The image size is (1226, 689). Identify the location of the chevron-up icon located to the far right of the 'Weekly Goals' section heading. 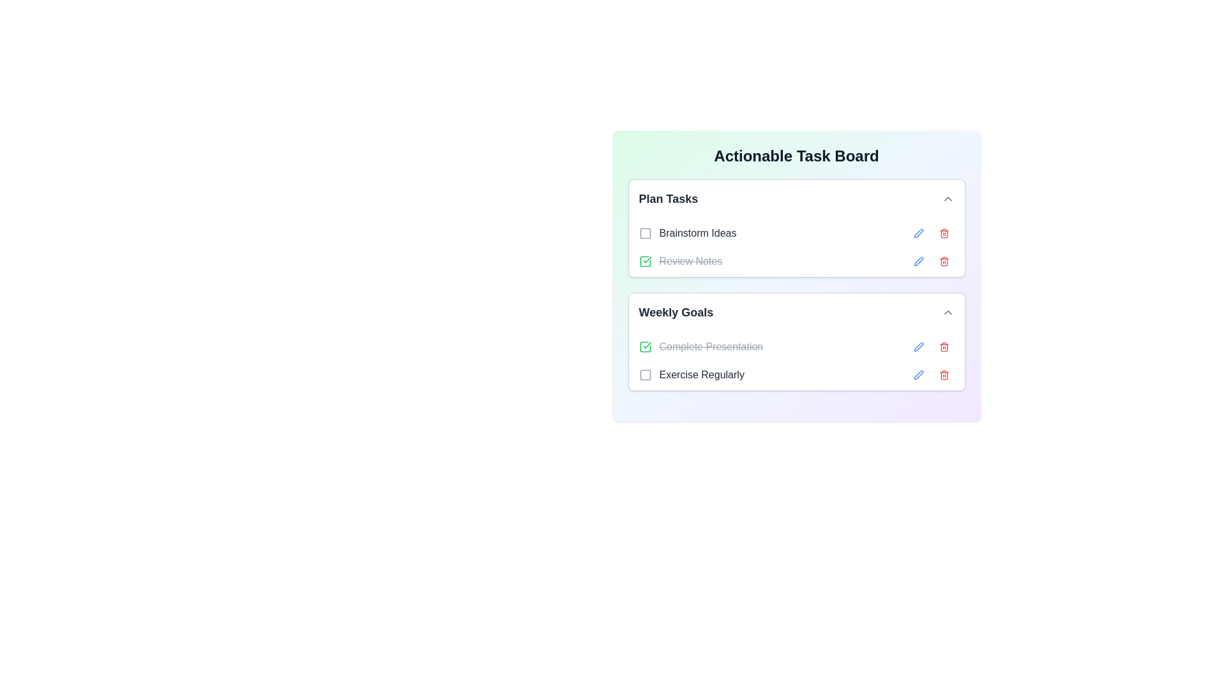
(948, 312).